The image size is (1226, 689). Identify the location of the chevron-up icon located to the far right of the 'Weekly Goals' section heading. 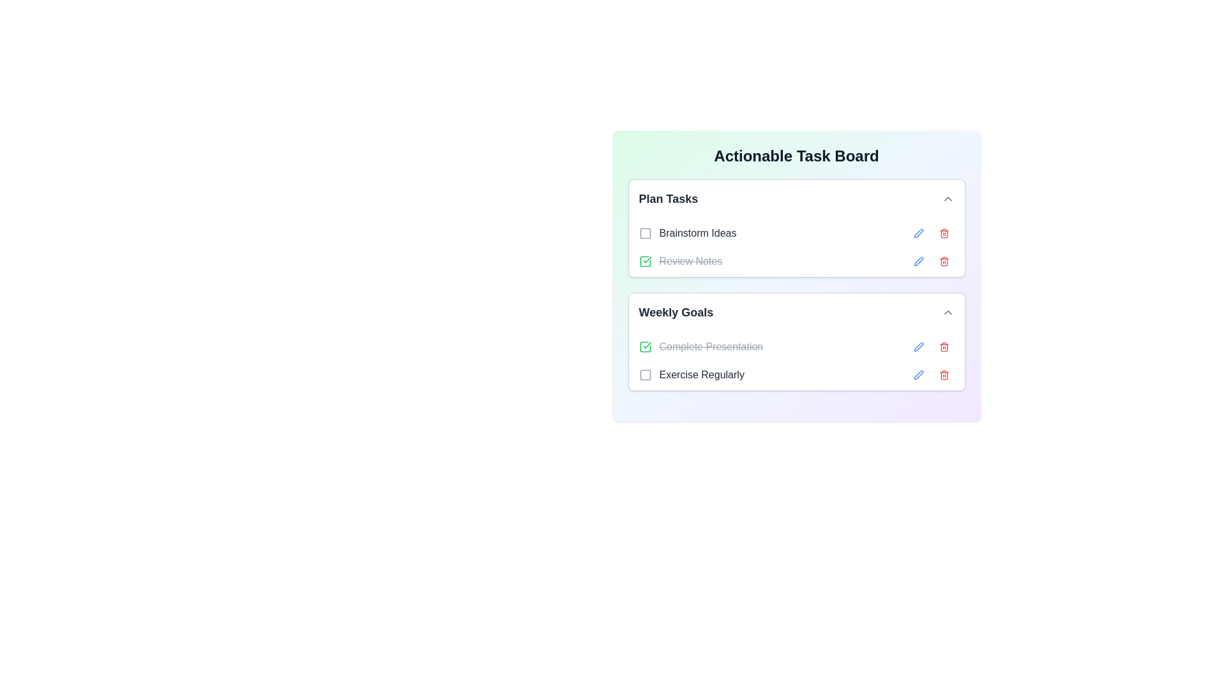
(948, 312).